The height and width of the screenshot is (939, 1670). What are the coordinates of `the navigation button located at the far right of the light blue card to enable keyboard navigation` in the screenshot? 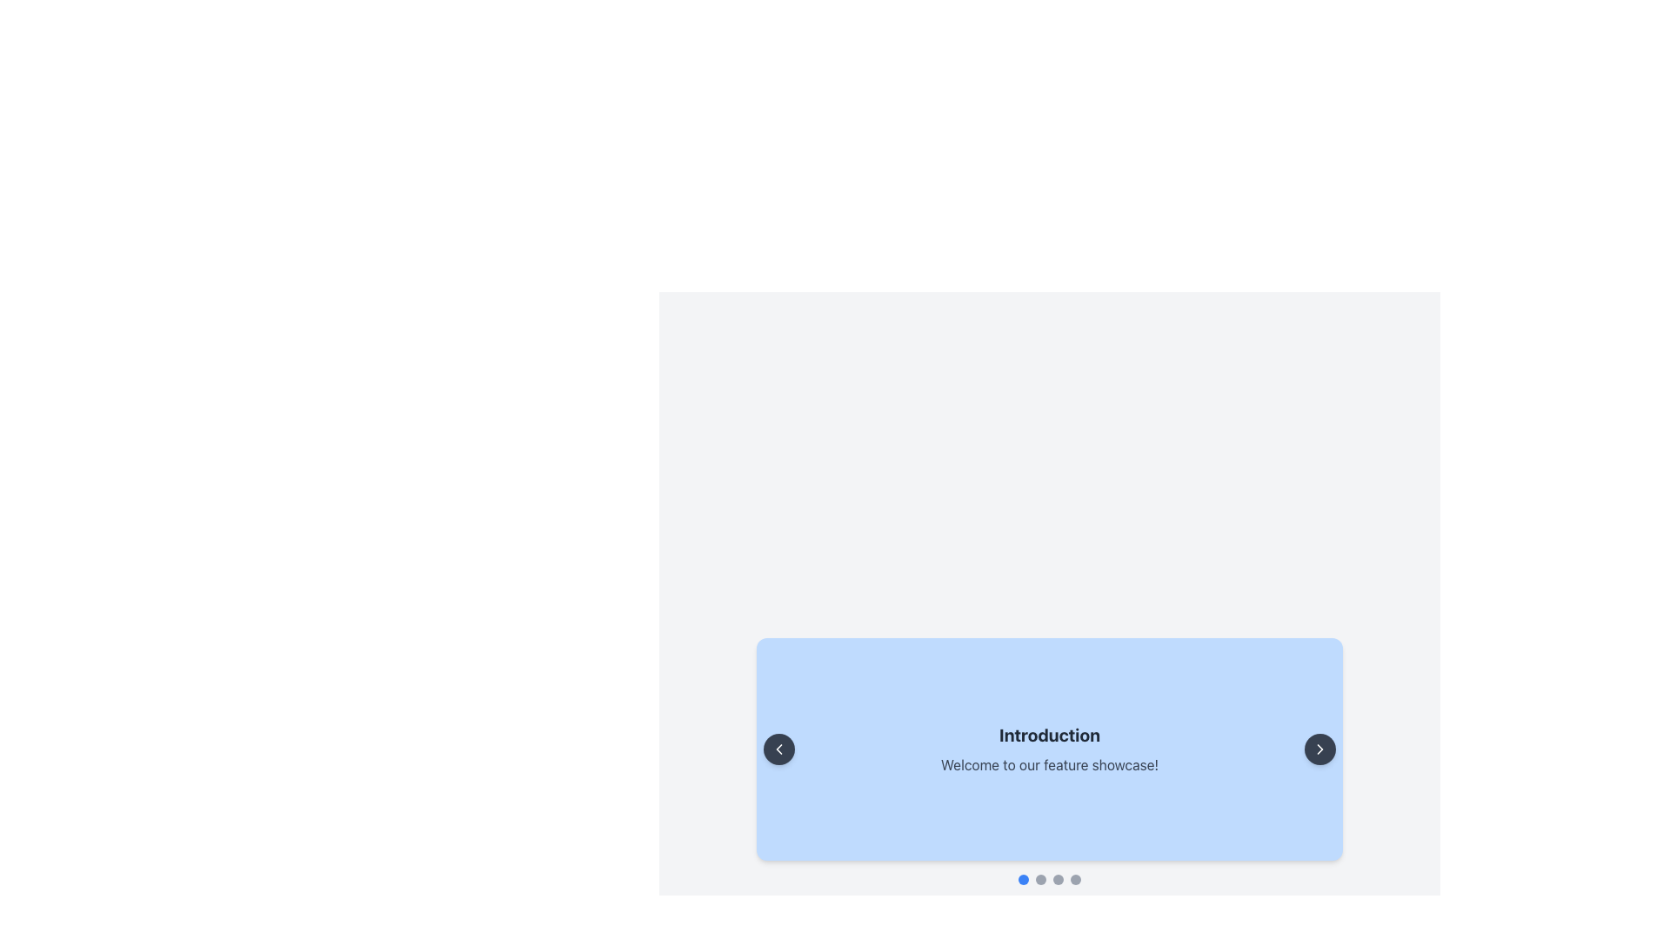 It's located at (1319, 748).